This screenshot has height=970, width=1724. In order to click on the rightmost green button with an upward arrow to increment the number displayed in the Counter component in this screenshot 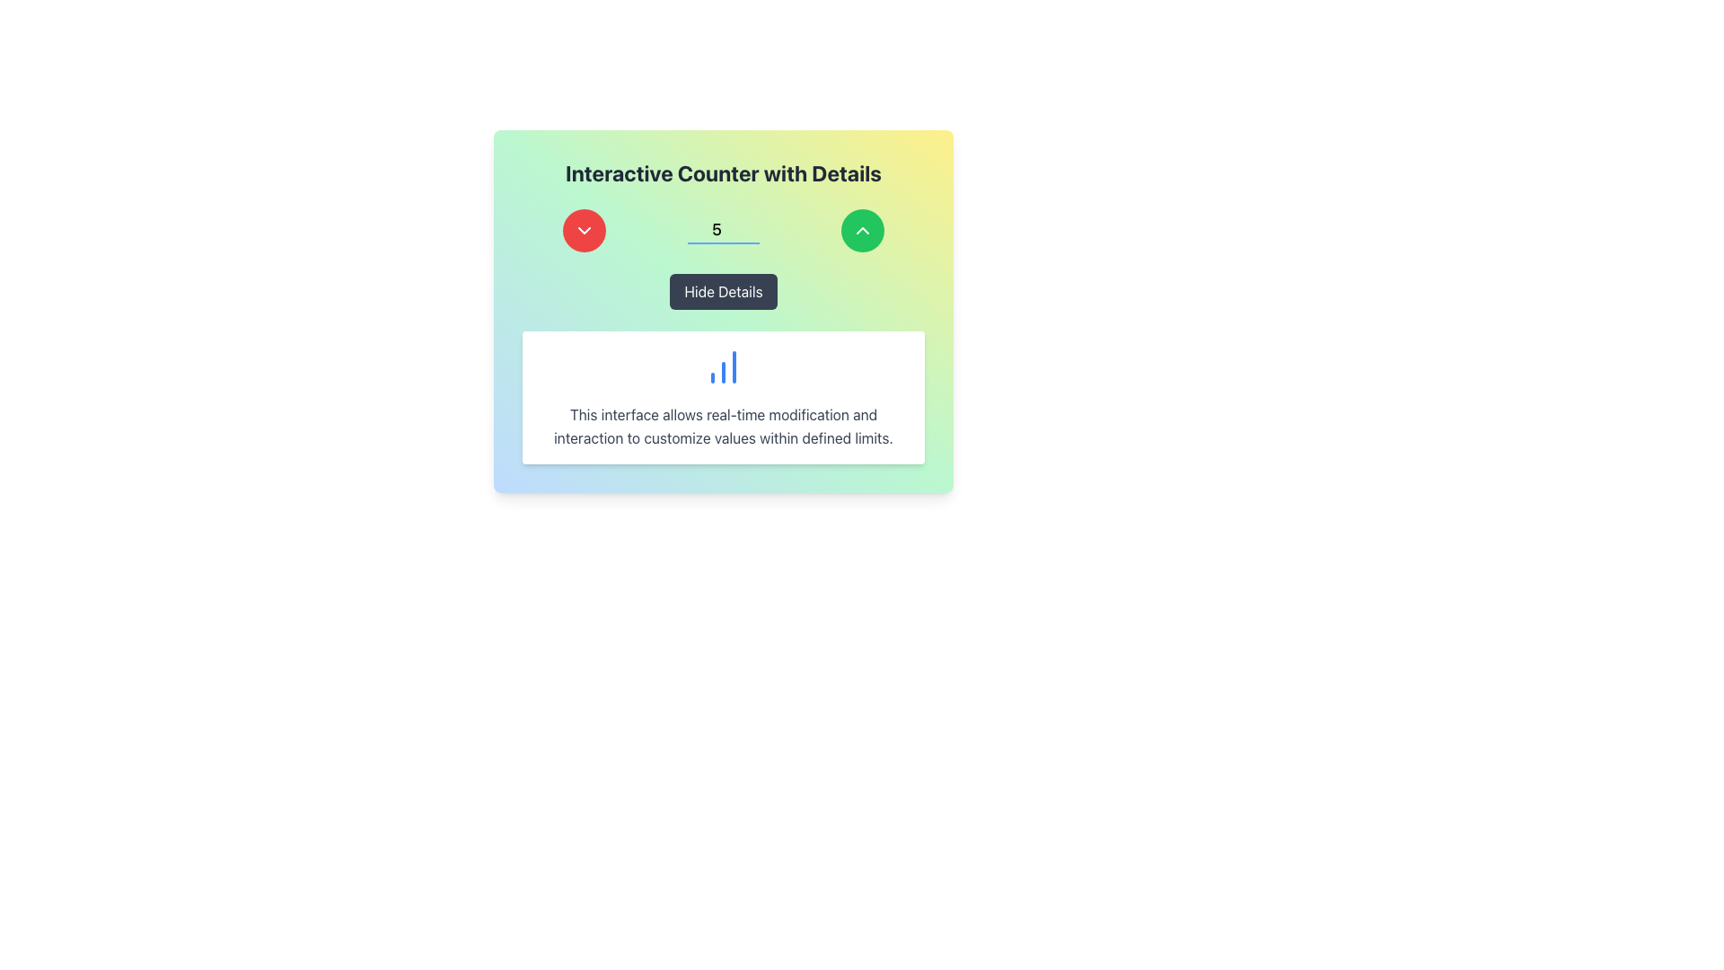, I will do `click(724, 230)`.